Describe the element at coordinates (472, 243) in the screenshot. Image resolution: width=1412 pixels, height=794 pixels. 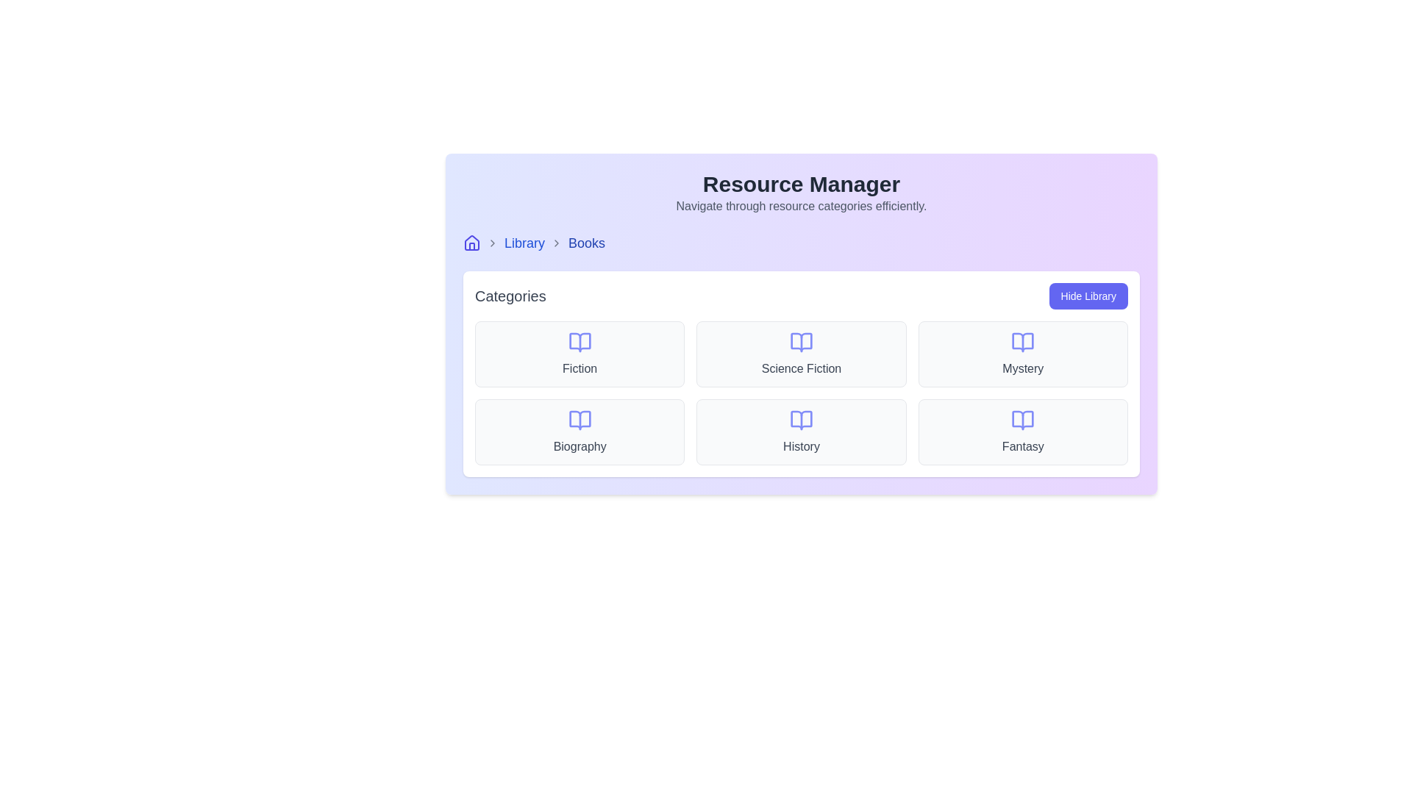
I see `the blue house outline icon located on the far left of the breadcrumb navigation bar` at that location.